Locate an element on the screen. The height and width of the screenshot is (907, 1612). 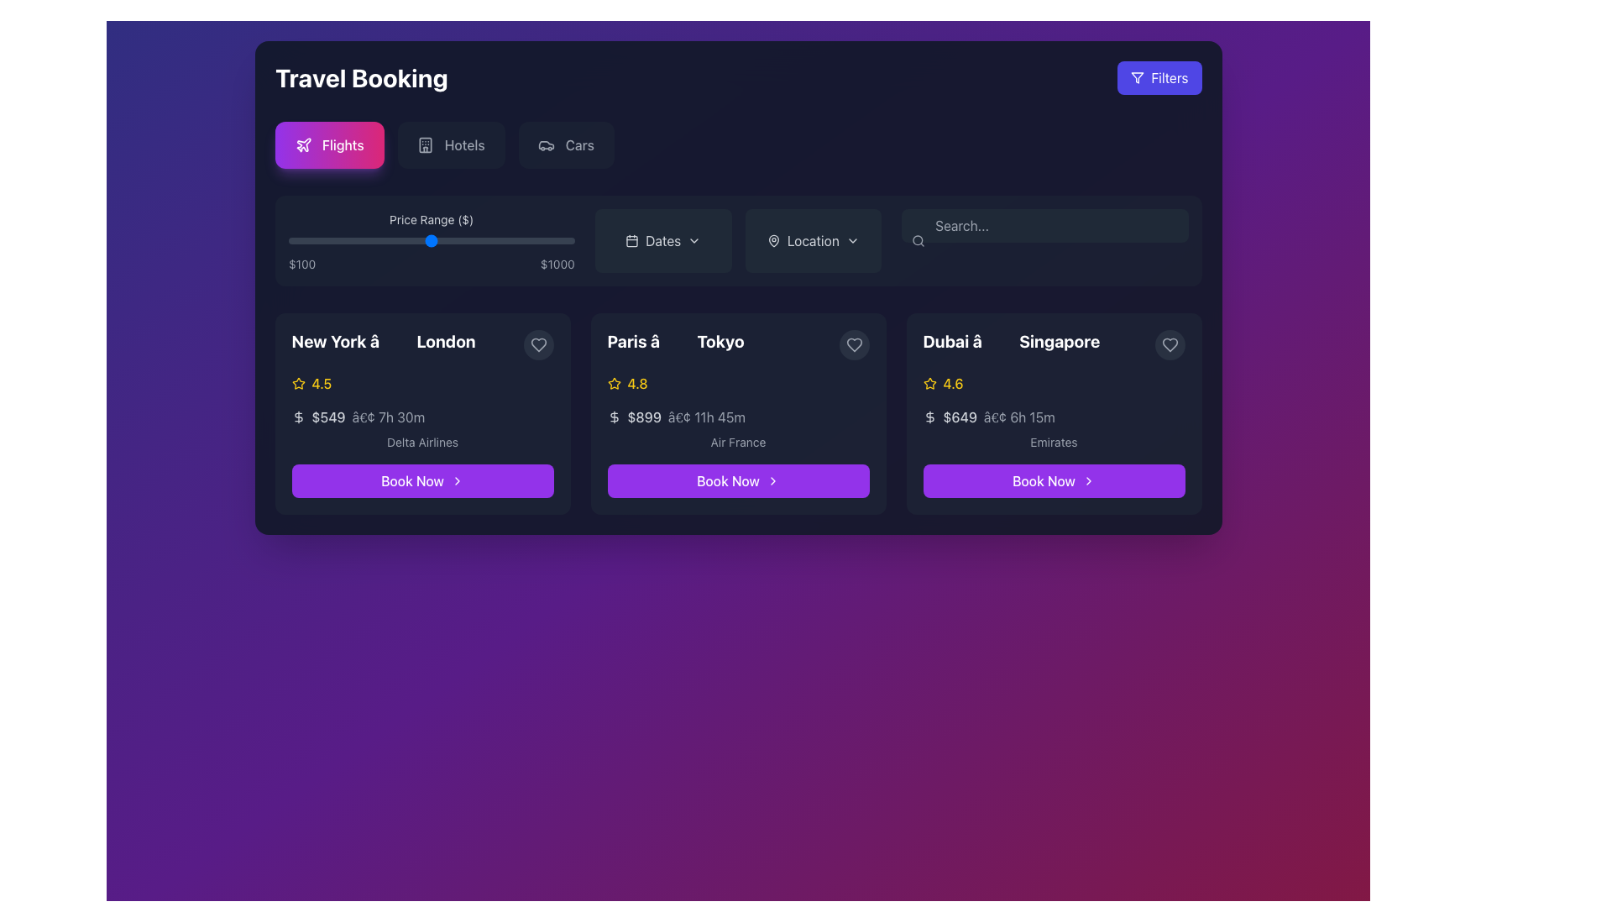
the text label reading 'Emirates', which is a medium gray colored label on a dark background, positioned below the price and duration information in the flight route card from Dubai to Singapore is located at coordinates (1053, 442).